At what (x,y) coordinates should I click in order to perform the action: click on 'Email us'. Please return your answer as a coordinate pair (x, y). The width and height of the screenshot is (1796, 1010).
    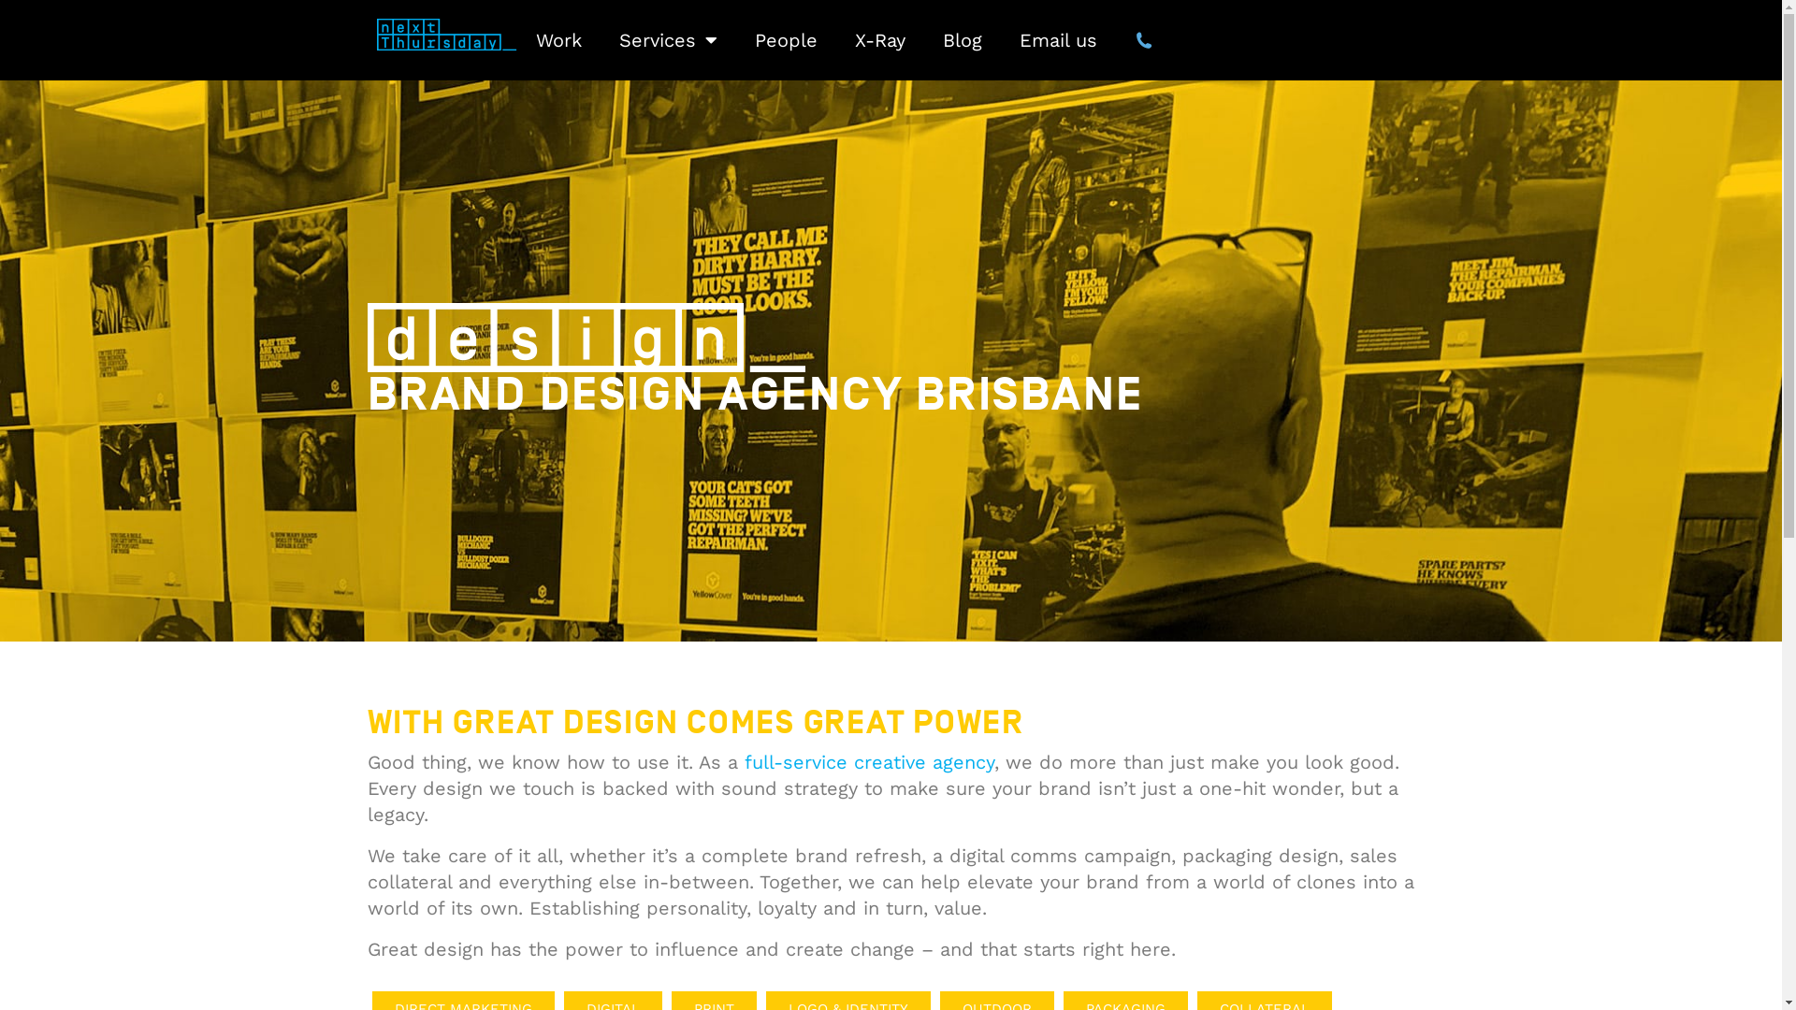
    Looking at the image, I should click on (1058, 39).